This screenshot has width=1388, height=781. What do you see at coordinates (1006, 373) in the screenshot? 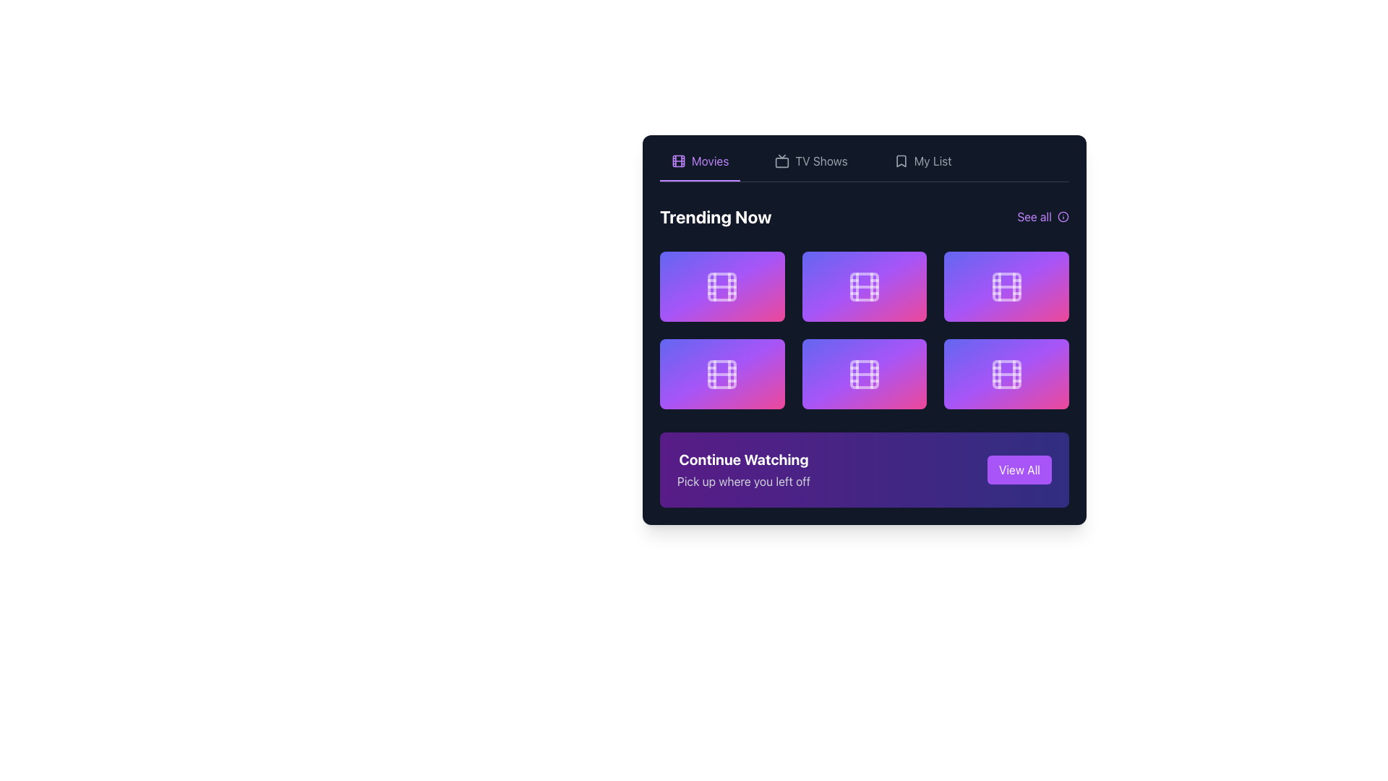
I see `the top-left rounded rectangle graphical element within the SVG icon of the 'Trending Now' card, which enhances the visual representation of the card's video content` at bounding box center [1006, 373].